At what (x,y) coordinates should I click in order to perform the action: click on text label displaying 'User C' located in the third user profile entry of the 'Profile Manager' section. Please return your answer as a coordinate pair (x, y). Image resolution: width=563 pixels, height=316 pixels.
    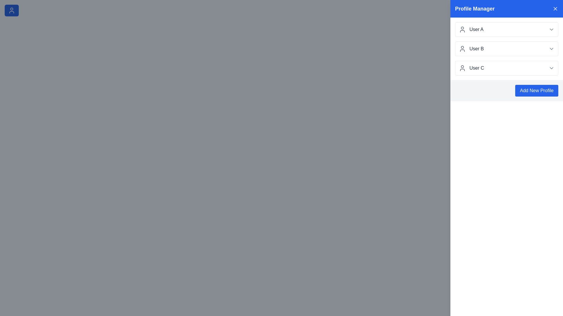
    Looking at the image, I should click on (476, 68).